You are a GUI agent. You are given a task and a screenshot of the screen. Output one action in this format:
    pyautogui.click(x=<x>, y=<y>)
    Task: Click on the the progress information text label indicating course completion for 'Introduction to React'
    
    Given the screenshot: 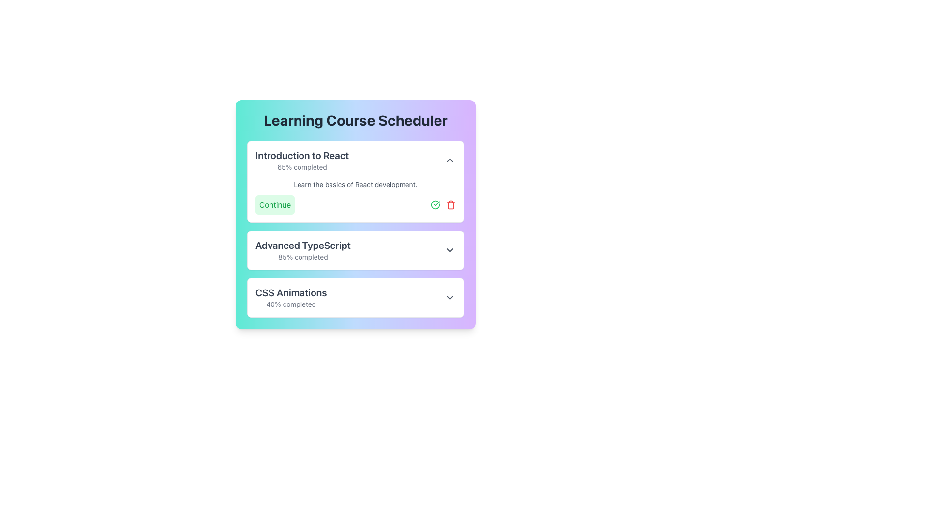 What is the action you would take?
    pyautogui.click(x=301, y=167)
    